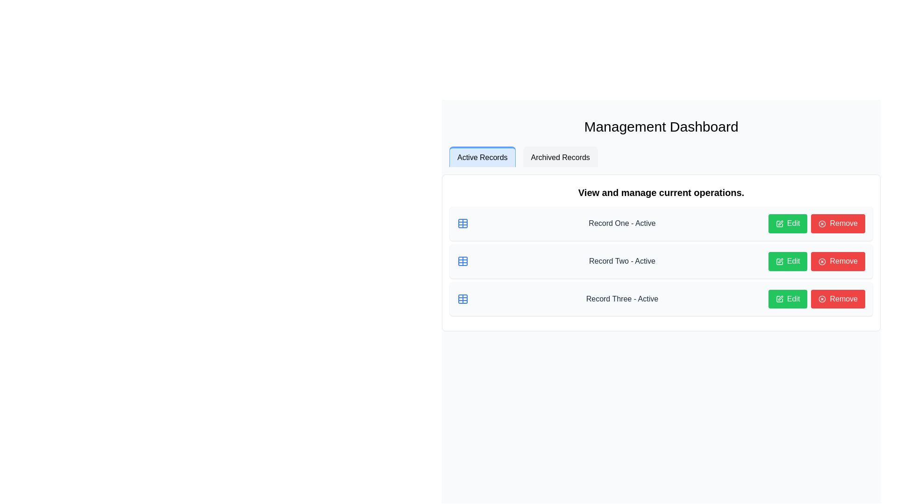 The width and height of the screenshot is (897, 504). I want to click on the green pen icon located to the left of the 'Edit' label text within the 'Edit' button to initiate the edit action, so click(779, 224).